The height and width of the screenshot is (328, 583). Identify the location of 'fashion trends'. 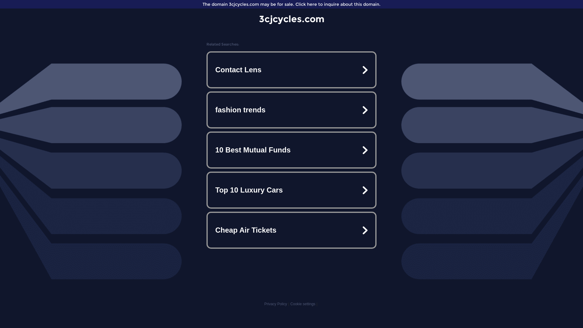
(291, 110).